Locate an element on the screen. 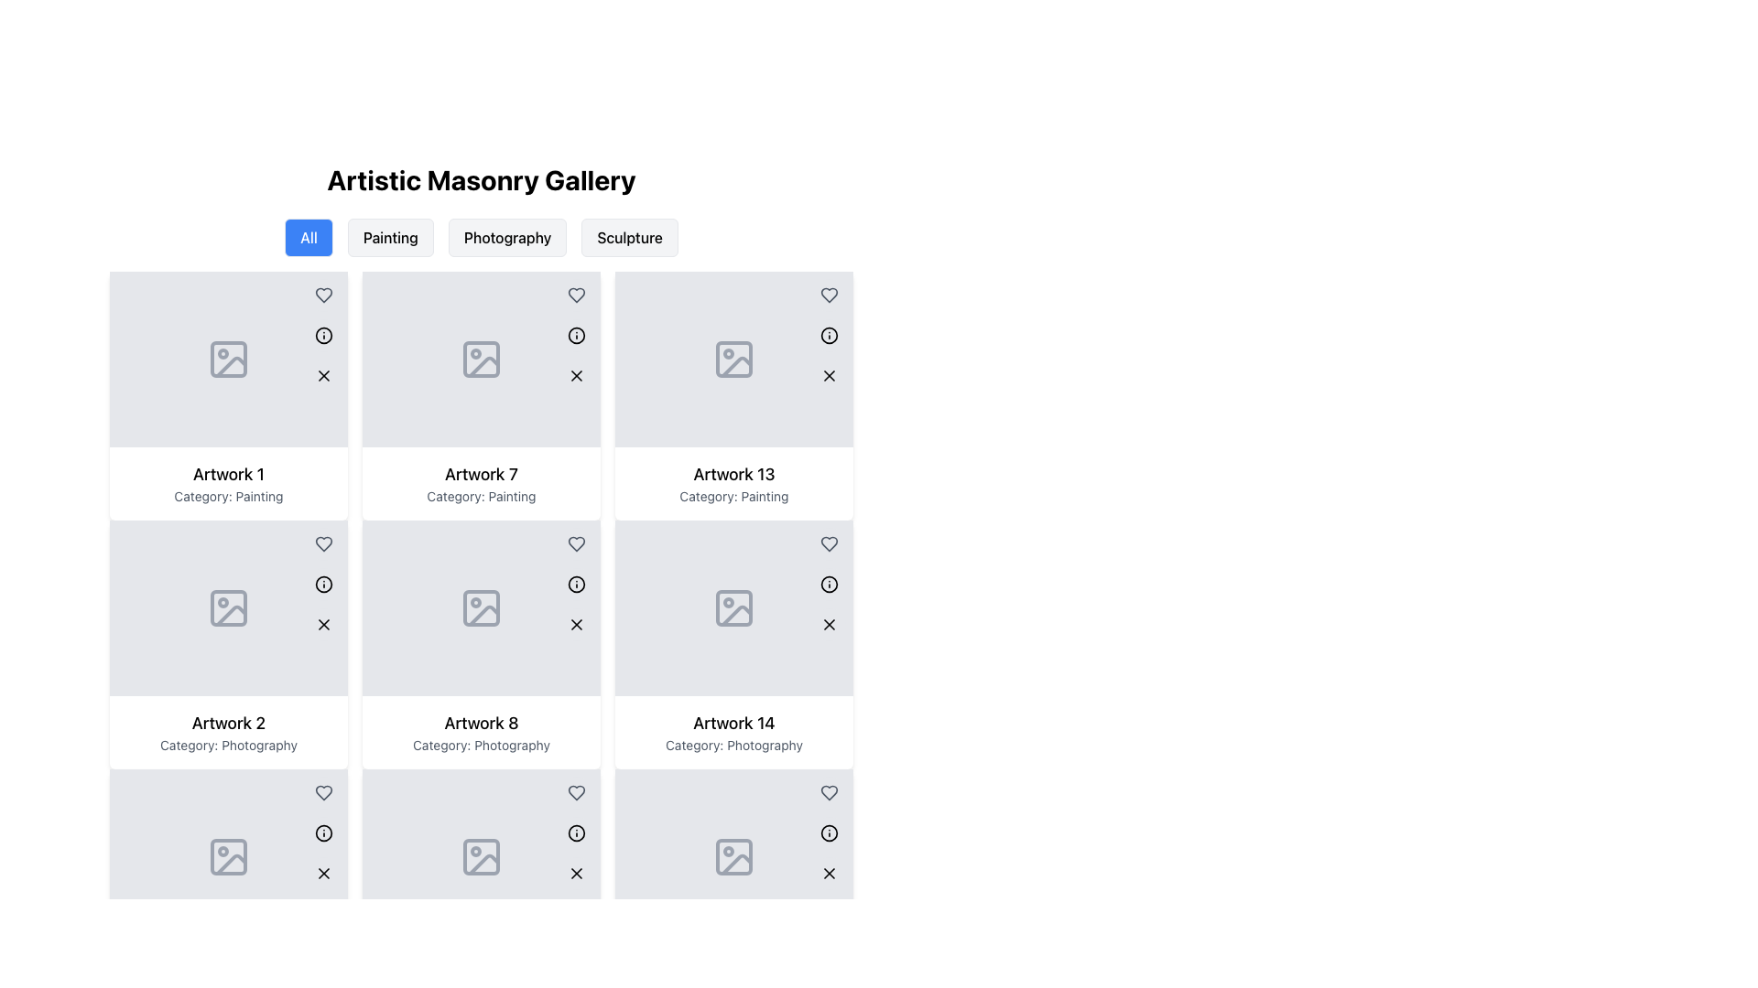 The image size is (1758, 988). the pictographic icon resembling a landscape within the 'Artwork 14' card in the 'Artistic Masonry Gallery' is located at coordinates (733, 857).